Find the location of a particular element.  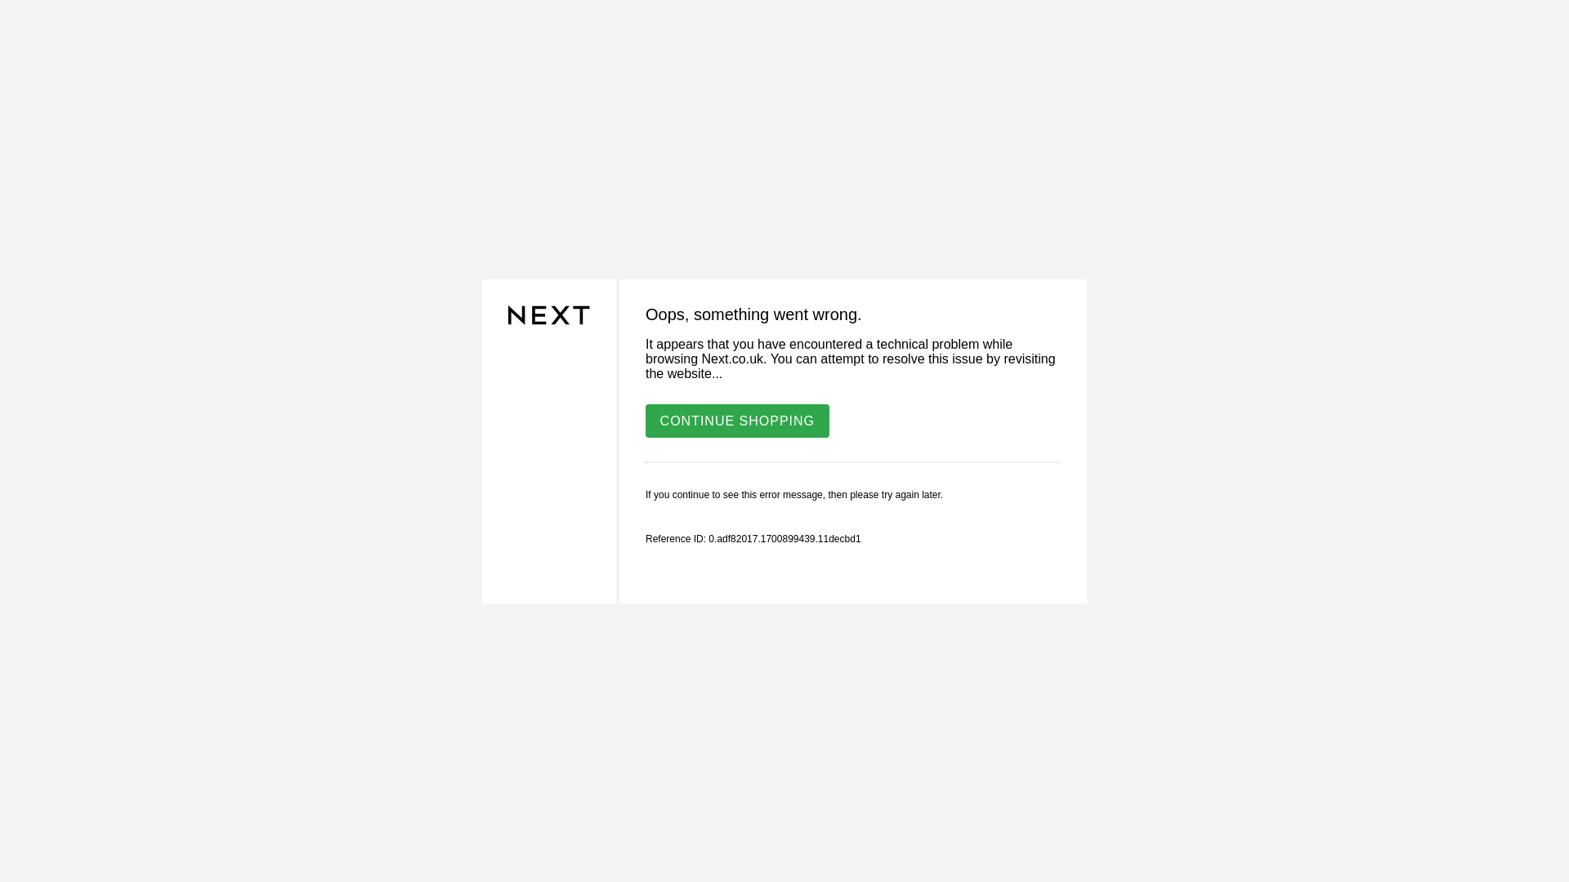

'CONTINUE SHOPPING' is located at coordinates (736, 419).